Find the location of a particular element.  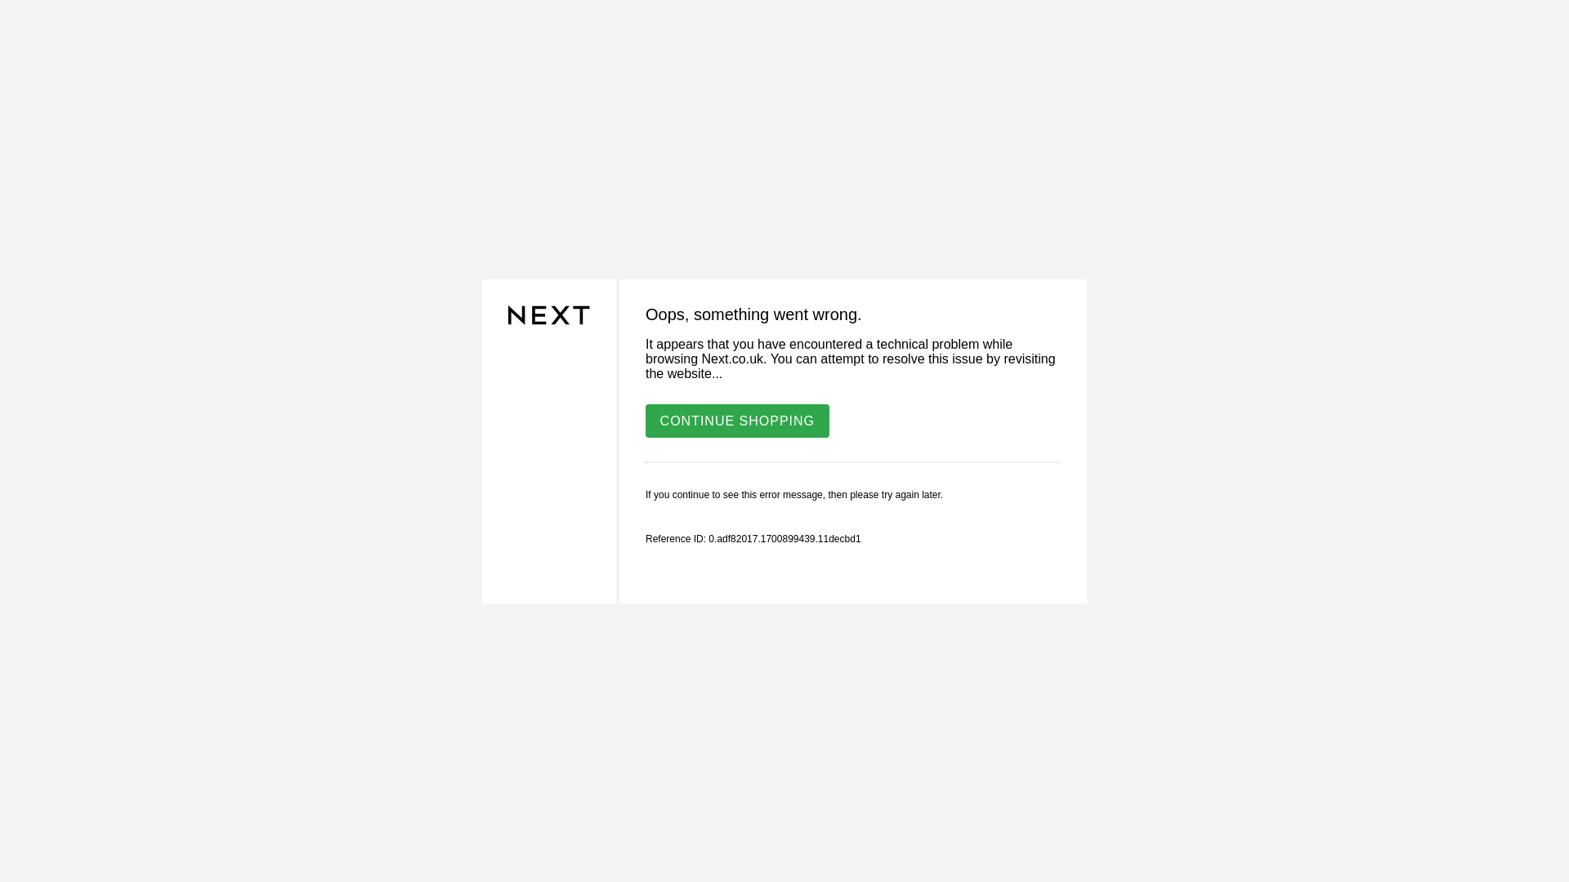

'CONTINUE SHOPPING' is located at coordinates (736, 419).